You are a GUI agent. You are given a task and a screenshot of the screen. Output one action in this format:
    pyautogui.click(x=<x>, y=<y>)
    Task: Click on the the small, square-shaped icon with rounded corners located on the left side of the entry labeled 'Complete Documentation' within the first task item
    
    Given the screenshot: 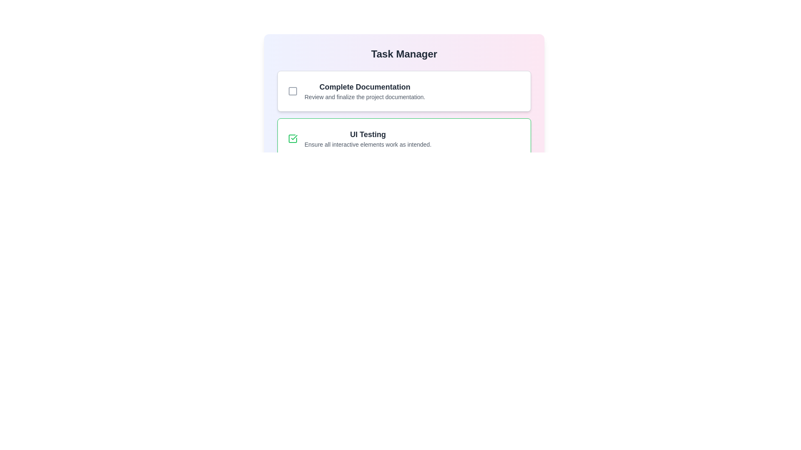 What is the action you would take?
    pyautogui.click(x=292, y=91)
    